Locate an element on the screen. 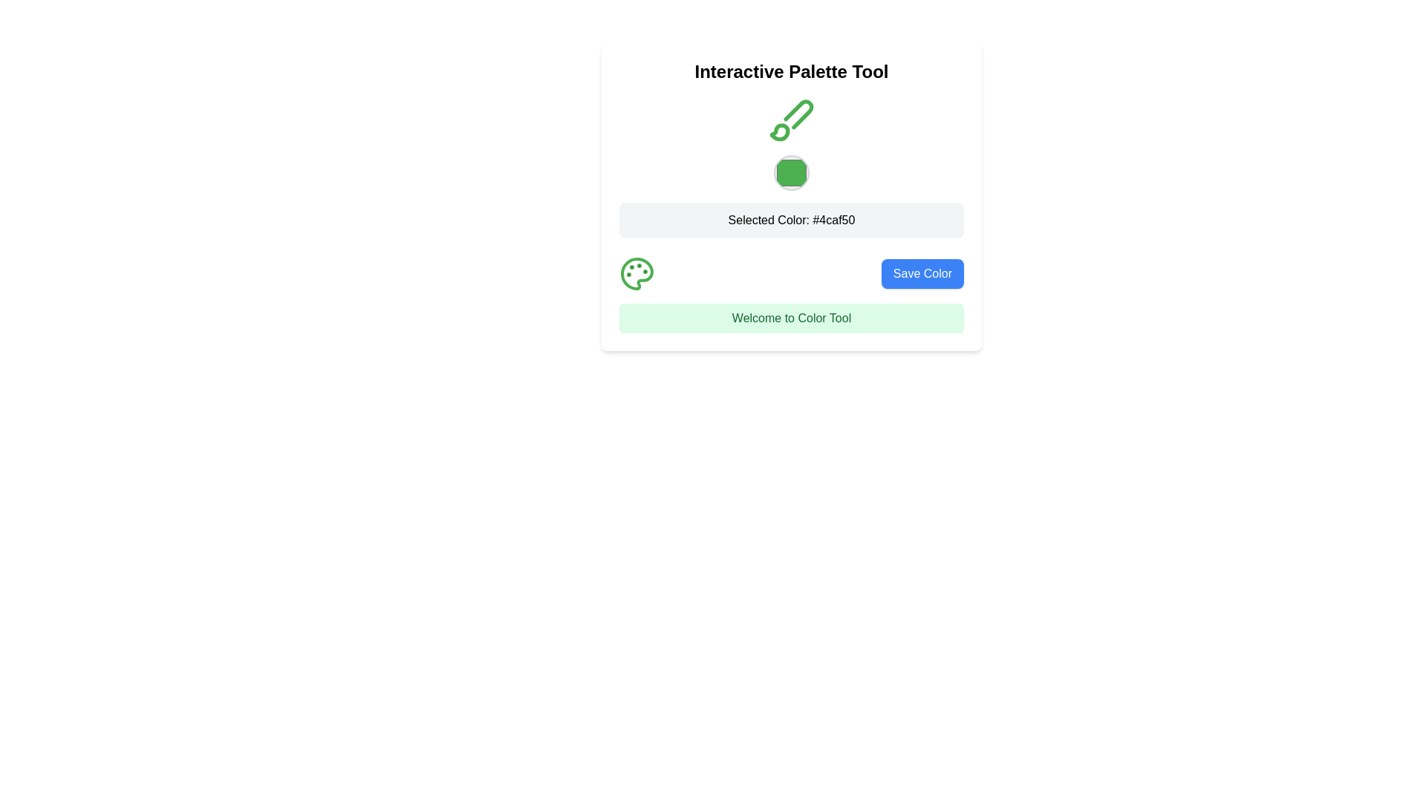 The height and width of the screenshot is (802, 1426). the text display element that shows the message 'Selected Color: #4caf50', which is located centrally below the green circular color selector is located at coordinates (790, 221).